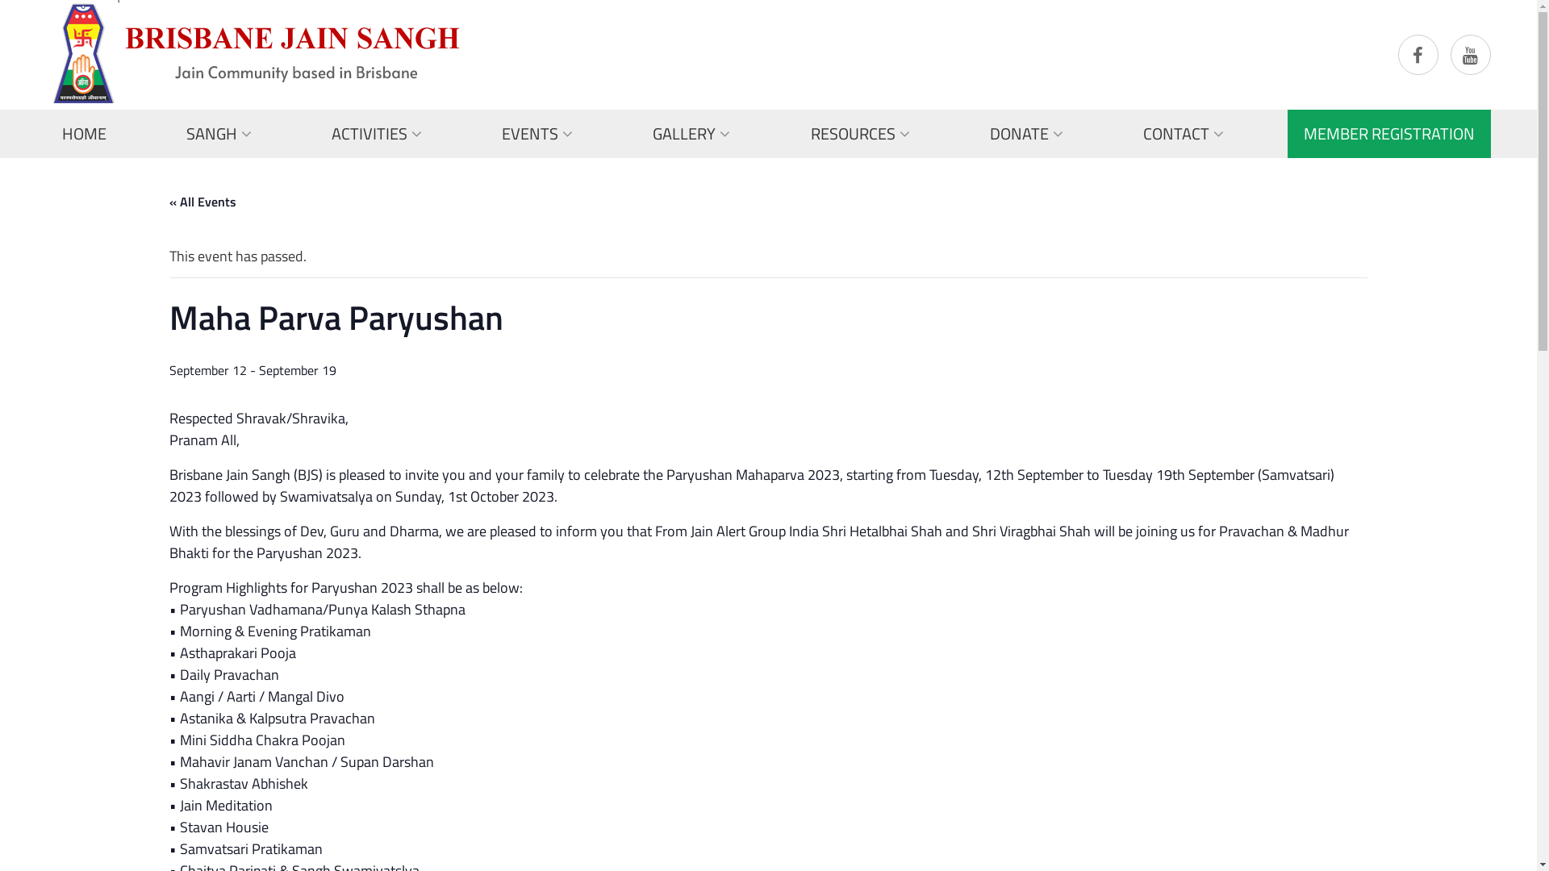  Describe the element at coordinates (1388, 132) in the screenshot. I see `'MEMBER REGISTRATION'` at that location.